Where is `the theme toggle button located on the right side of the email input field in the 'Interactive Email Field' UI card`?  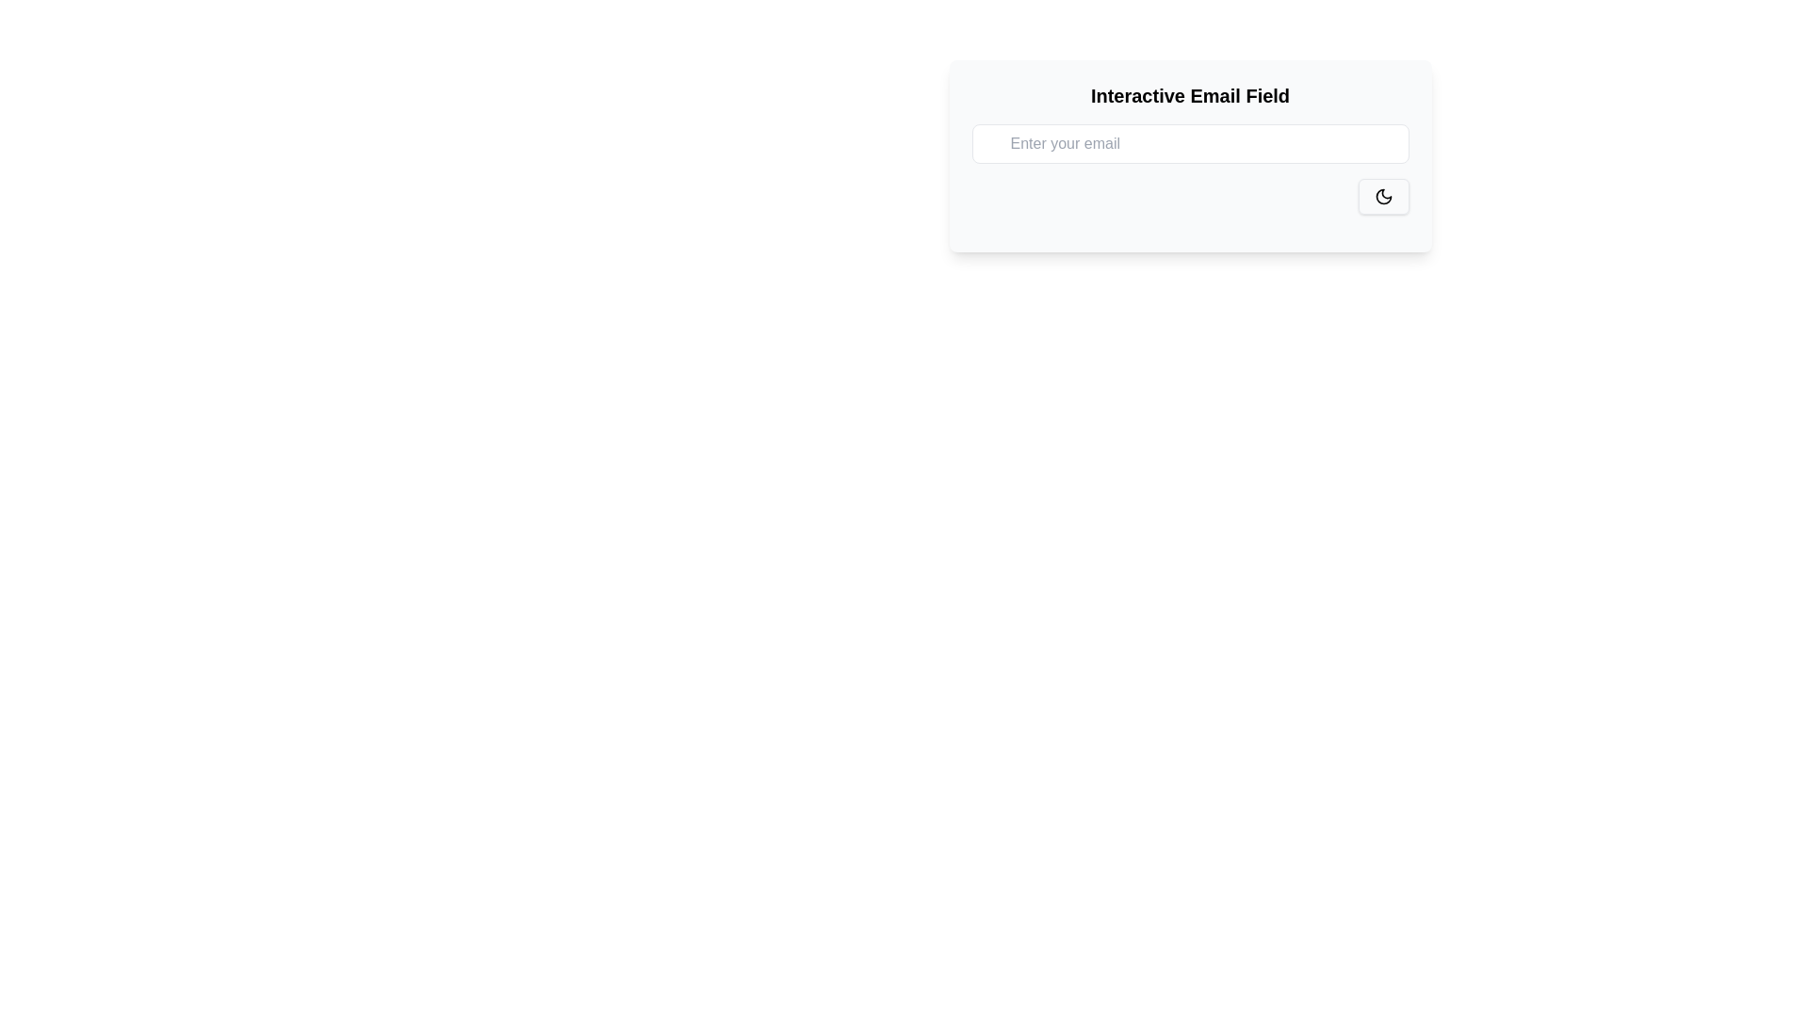 the theme toggle button located on the right side of the email input field in the 'Interactive Email Field' UI card is located at coordinates (1383, 196).